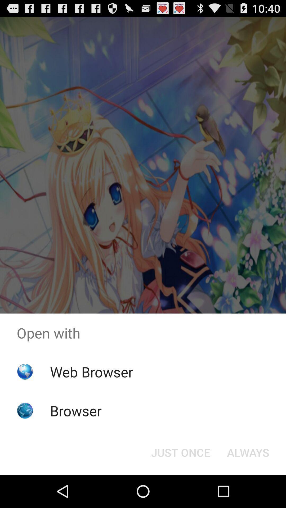  Describe the element at coordinates (248, 452) in the screenshot. I see `item to the right of just once icon` at that location.